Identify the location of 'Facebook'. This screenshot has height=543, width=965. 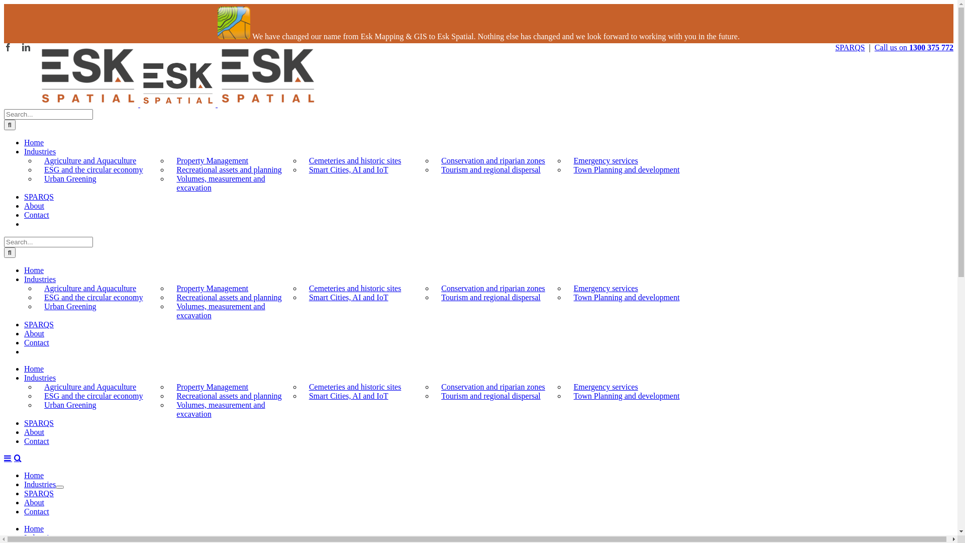
(8, 47).